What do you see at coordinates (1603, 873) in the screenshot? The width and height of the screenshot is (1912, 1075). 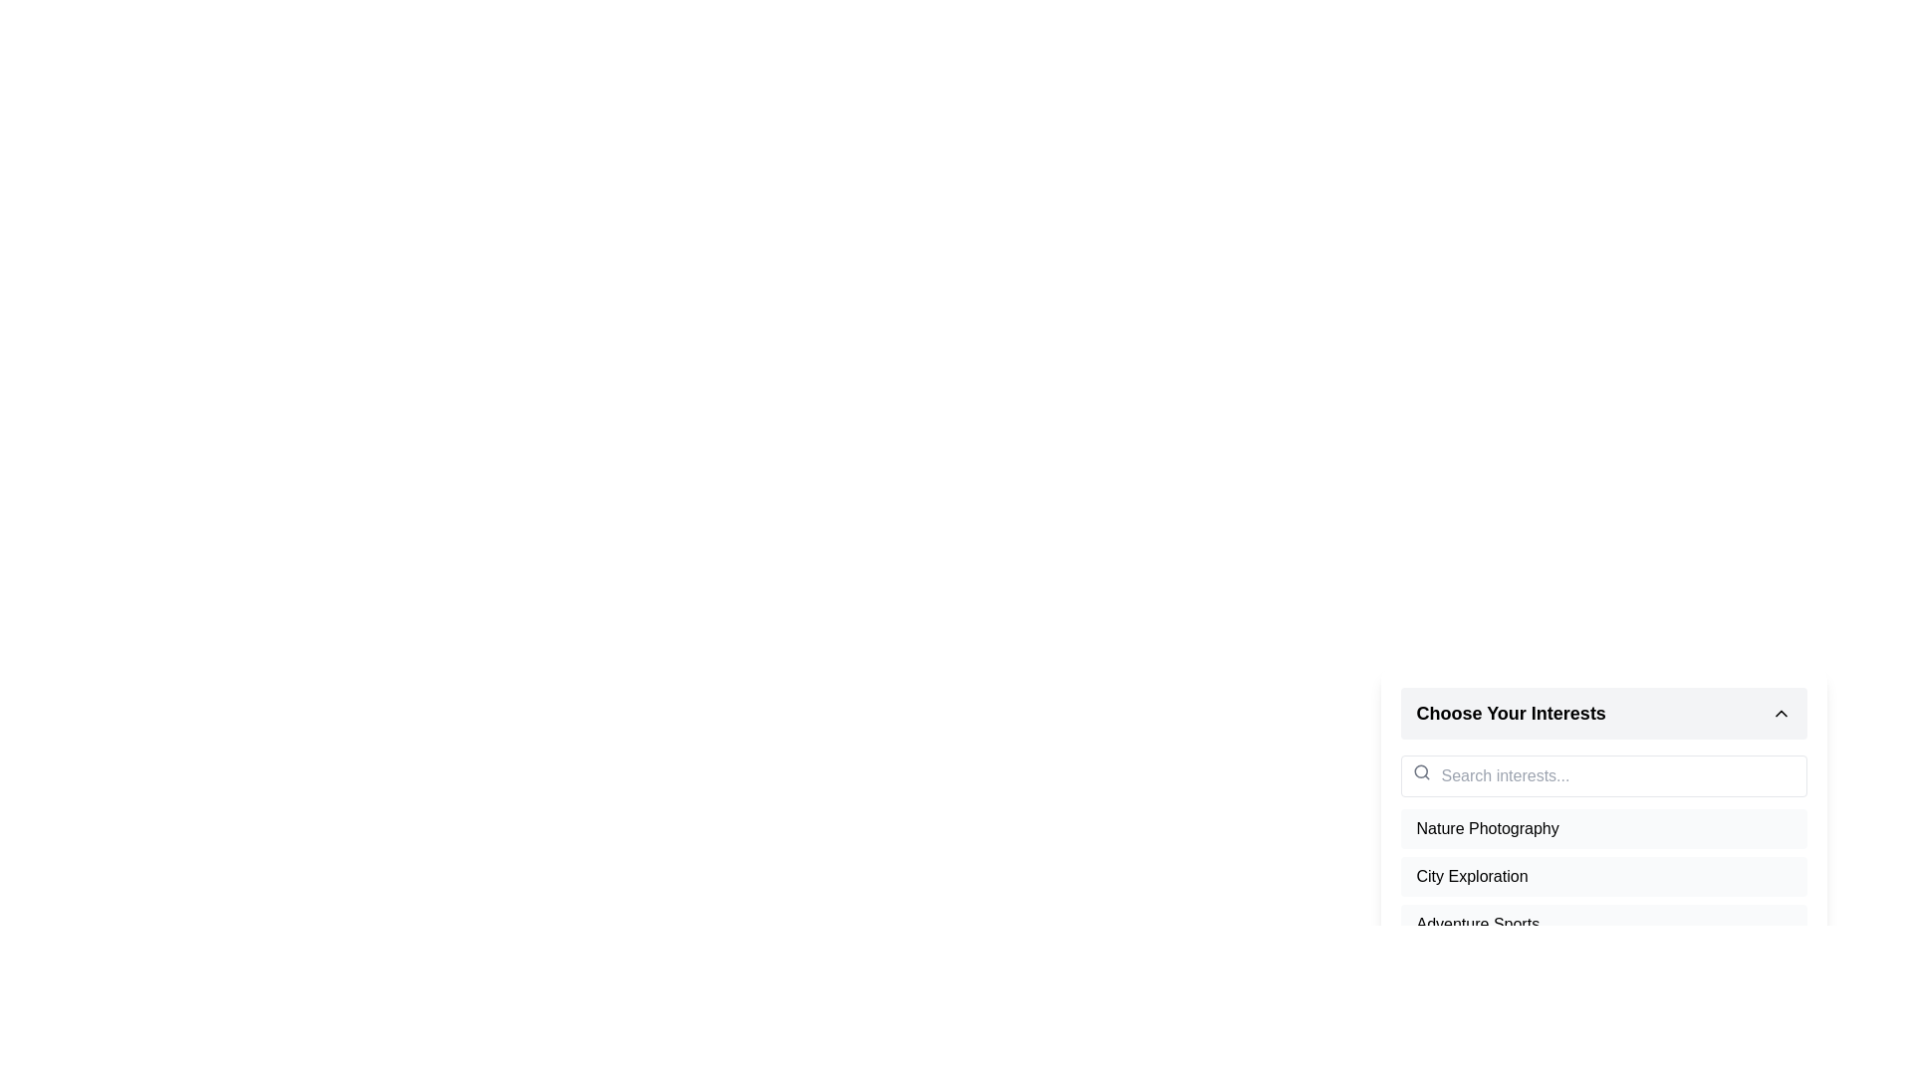 I see `the second item in the list under 'Choose Your Interests'` at bounding box center [1603, 873].